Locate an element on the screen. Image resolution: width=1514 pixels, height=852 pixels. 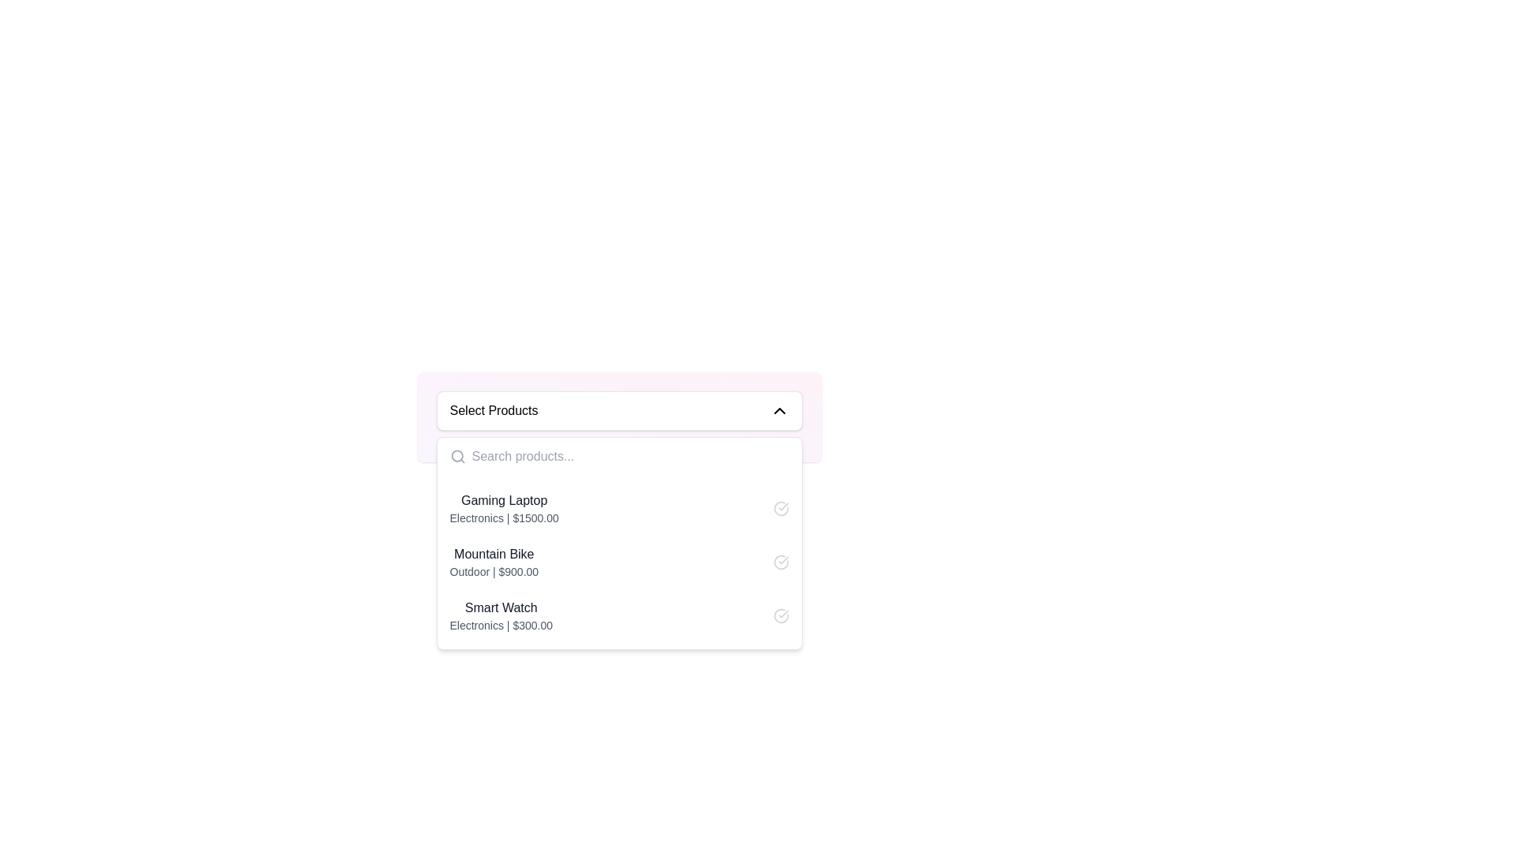
the text label that provides additional details about the product listed above it, positioned immediately below the 'Mountain Bike' text is located at coordinates (493, 572).